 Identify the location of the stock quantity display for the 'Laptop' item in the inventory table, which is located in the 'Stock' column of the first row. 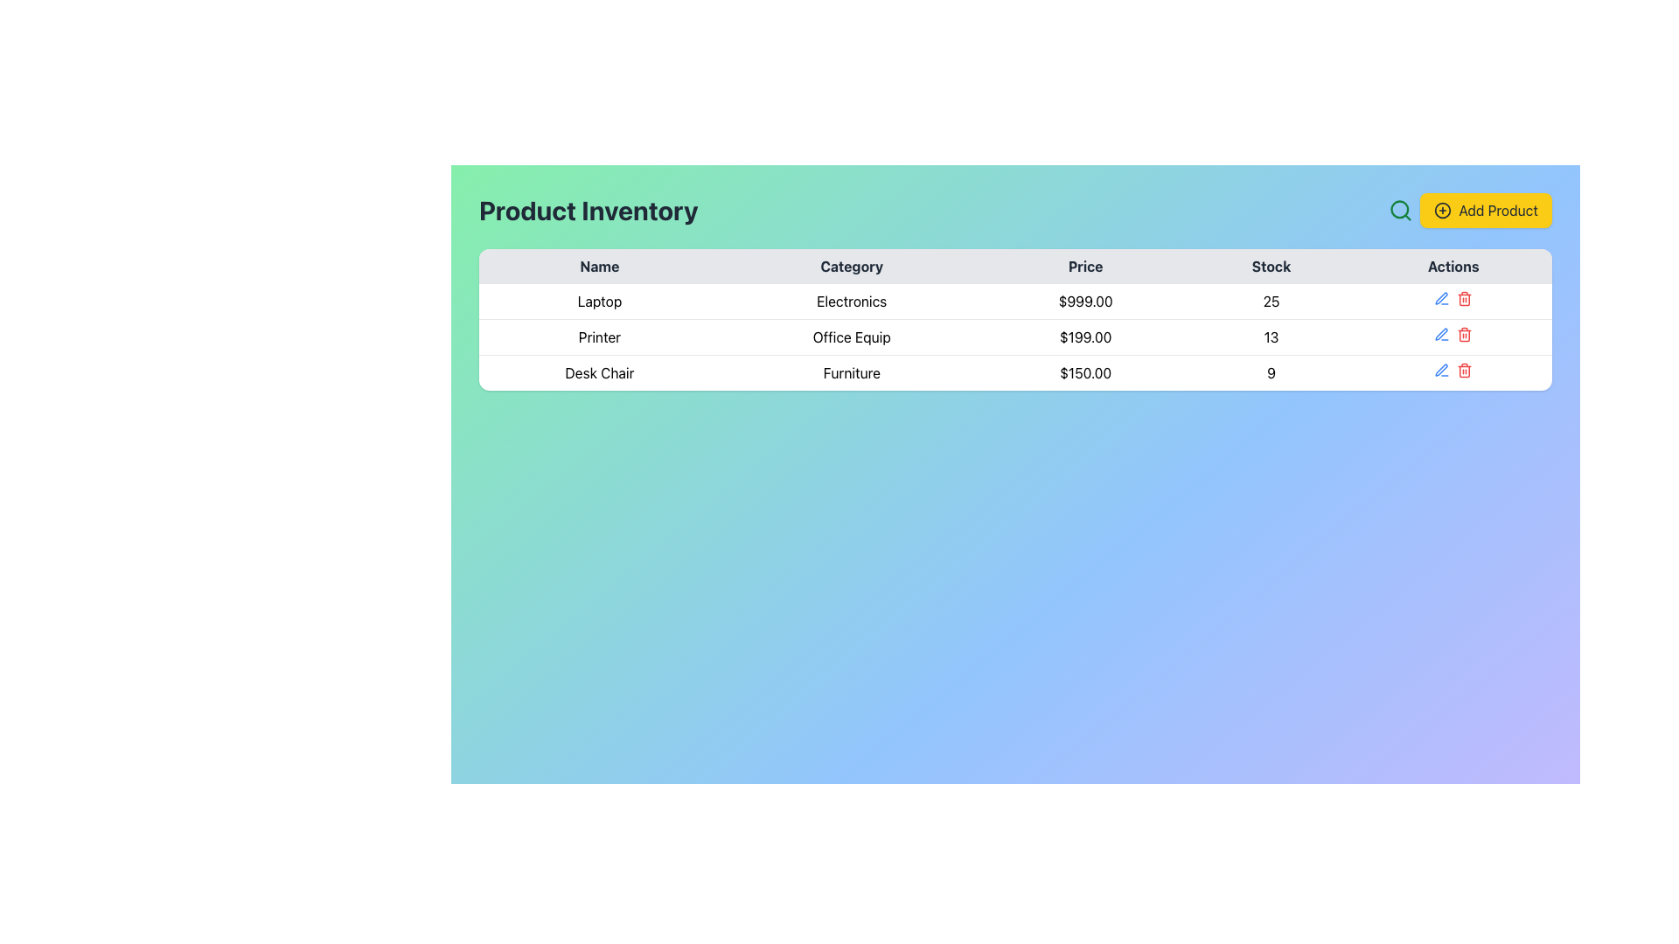
(1271, 301).